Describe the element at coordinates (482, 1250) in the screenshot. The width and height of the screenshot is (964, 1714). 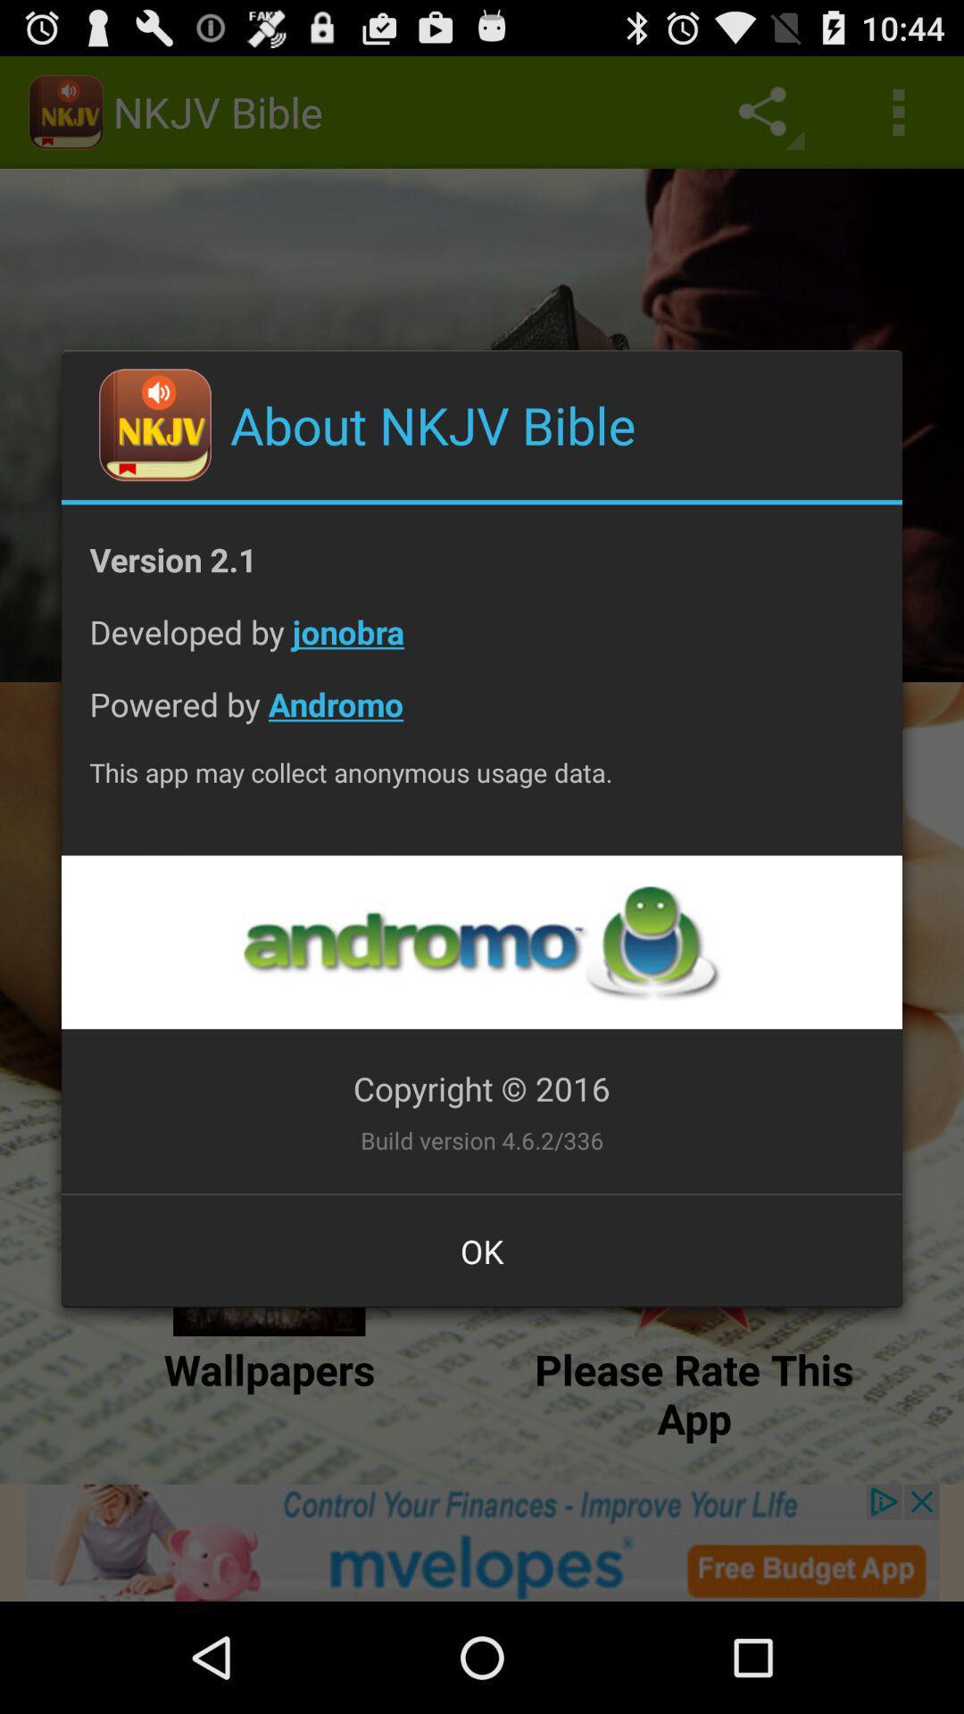
I see `the ok icon` at that location.